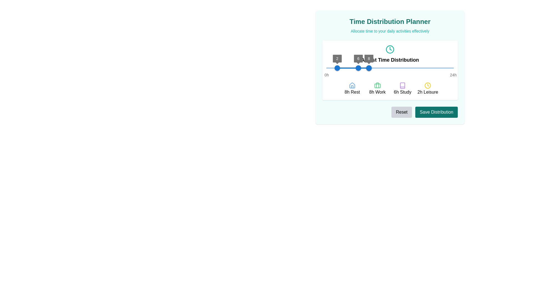 Image resolution: width=533 pixels, height=300 pixels. What do you see at coordinates (357, 68) in the screenshot?
I see `the time slider` at bounding box center [357, 68].